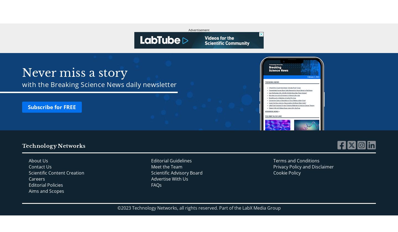  What do you see at coordinates (22, 84) in the screenshot?
I see `'with the Breaking Science News daily newsletter'` at bounding box center [22, 84].